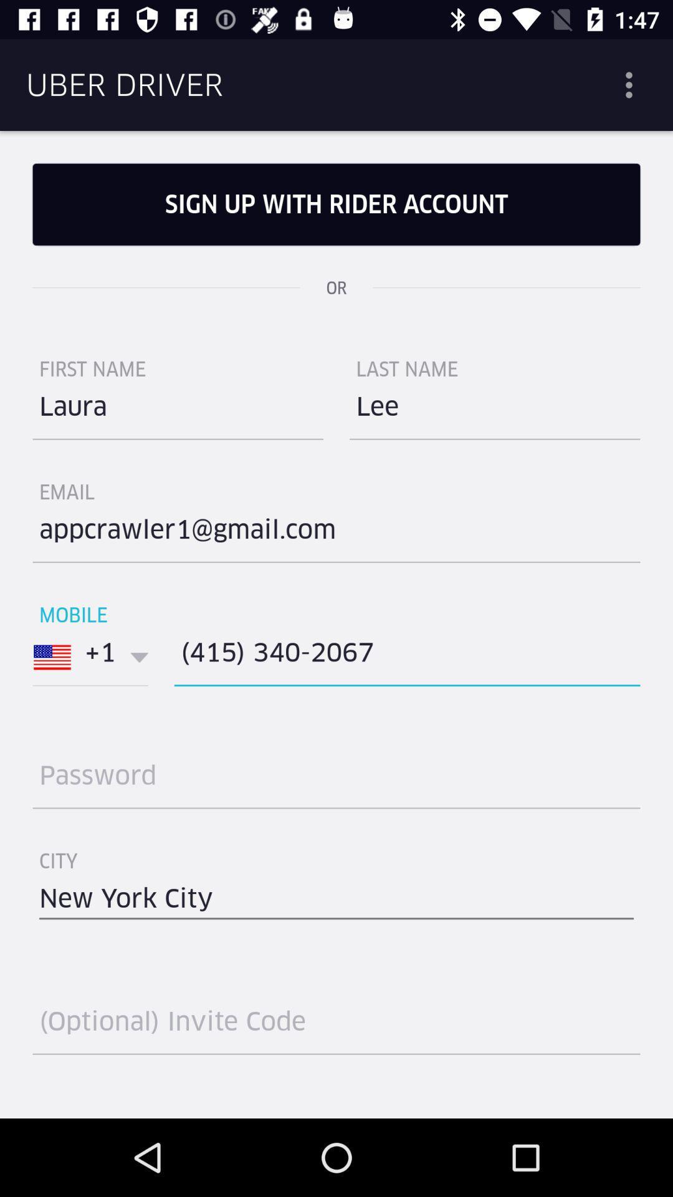 This screenshot has height=1197, width=673. Describe the element at coordinates (494, 411) in the screenshot. I see `icon above appcrawler1@gmail.com item` at that location.